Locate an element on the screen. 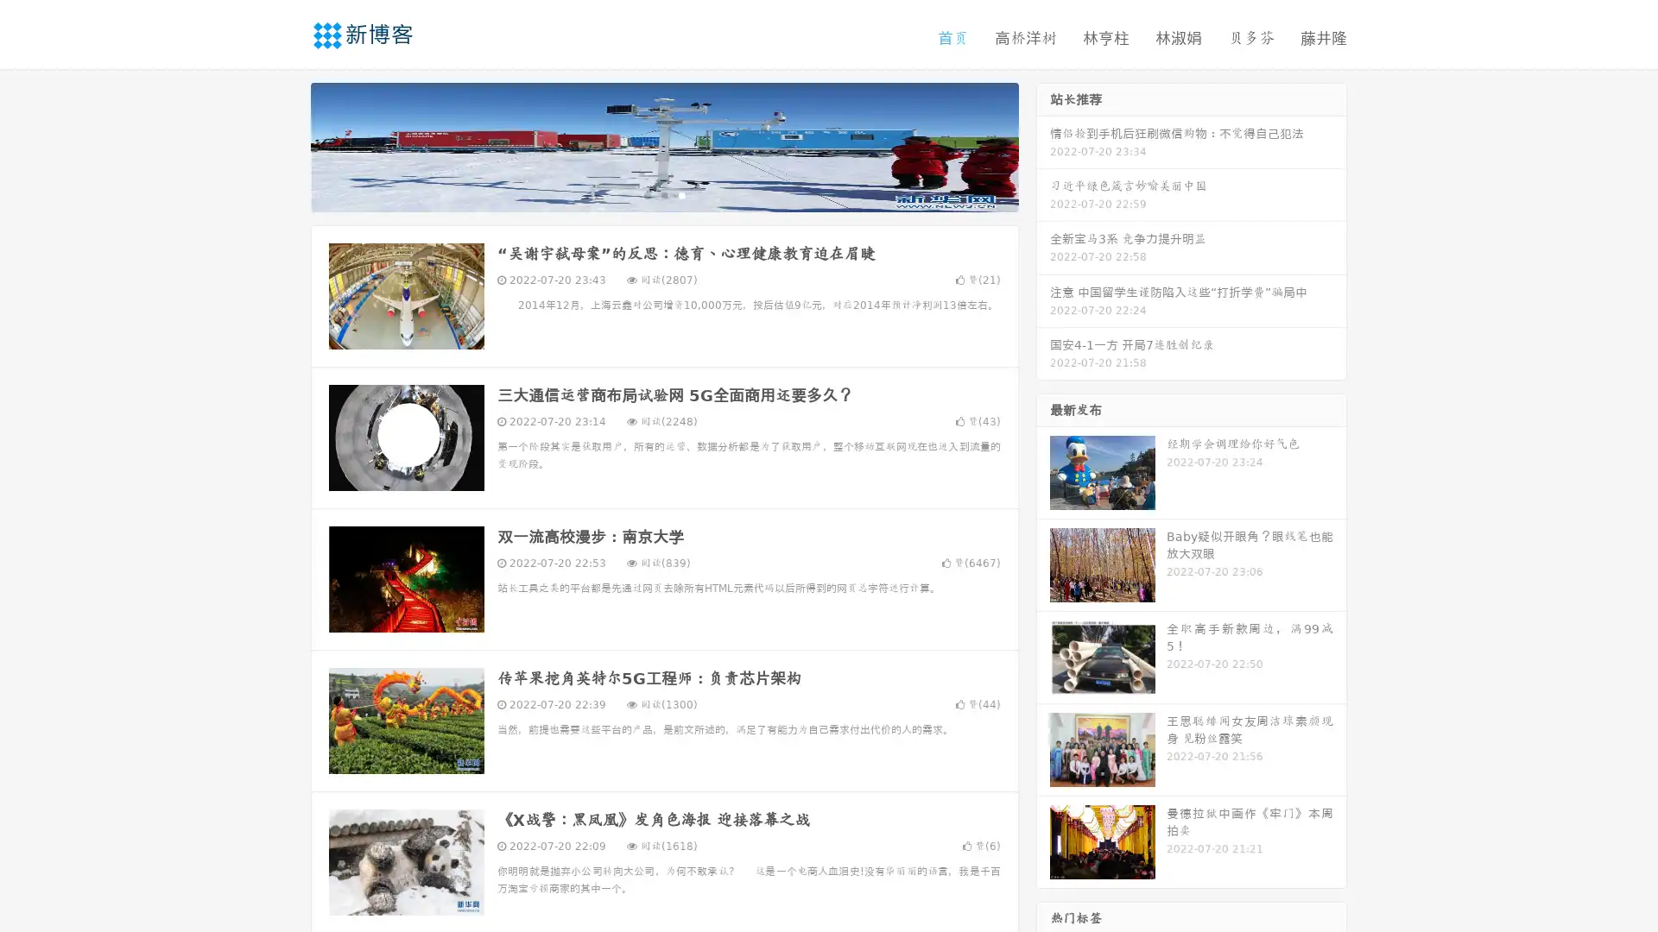  Previous slide is located at coordinates (285, 145).